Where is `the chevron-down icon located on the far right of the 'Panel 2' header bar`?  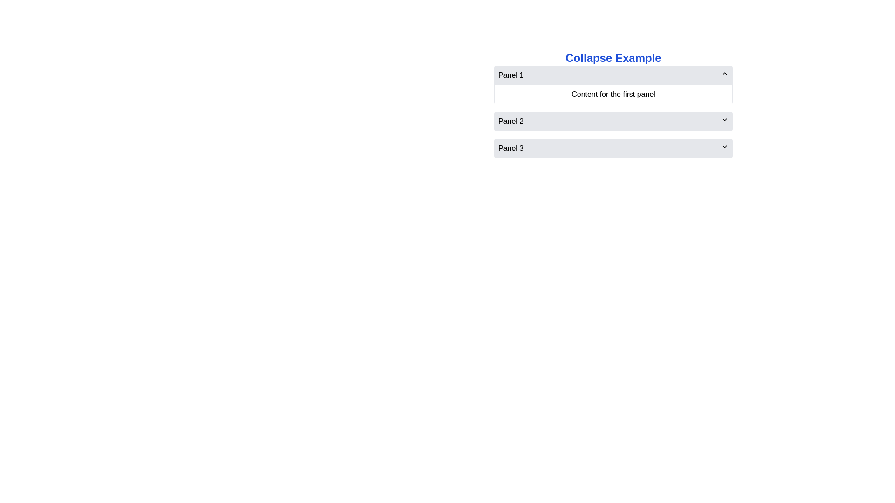
the chevron-down icon located on the far right of the 'Panel 2' header bar is located at coordinates (724, 119).